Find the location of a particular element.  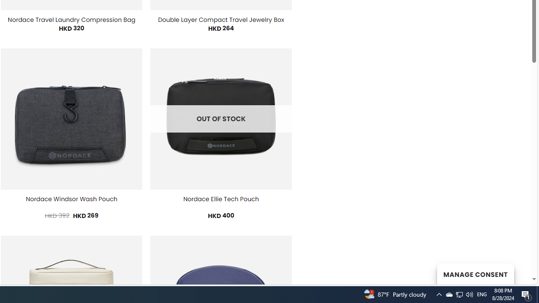

'Double Layer Compact Travel Jewelry Box' is located at coordinates (221, 19).